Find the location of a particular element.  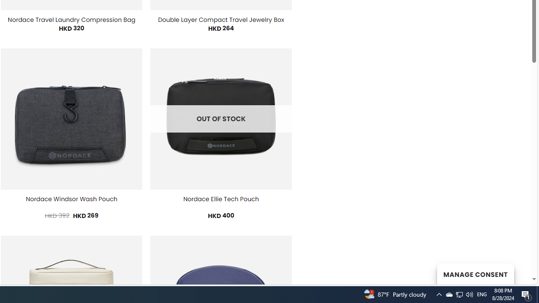

'Double Layer Compact Travel Jewelry Box' is located at coordinates (221, 19).